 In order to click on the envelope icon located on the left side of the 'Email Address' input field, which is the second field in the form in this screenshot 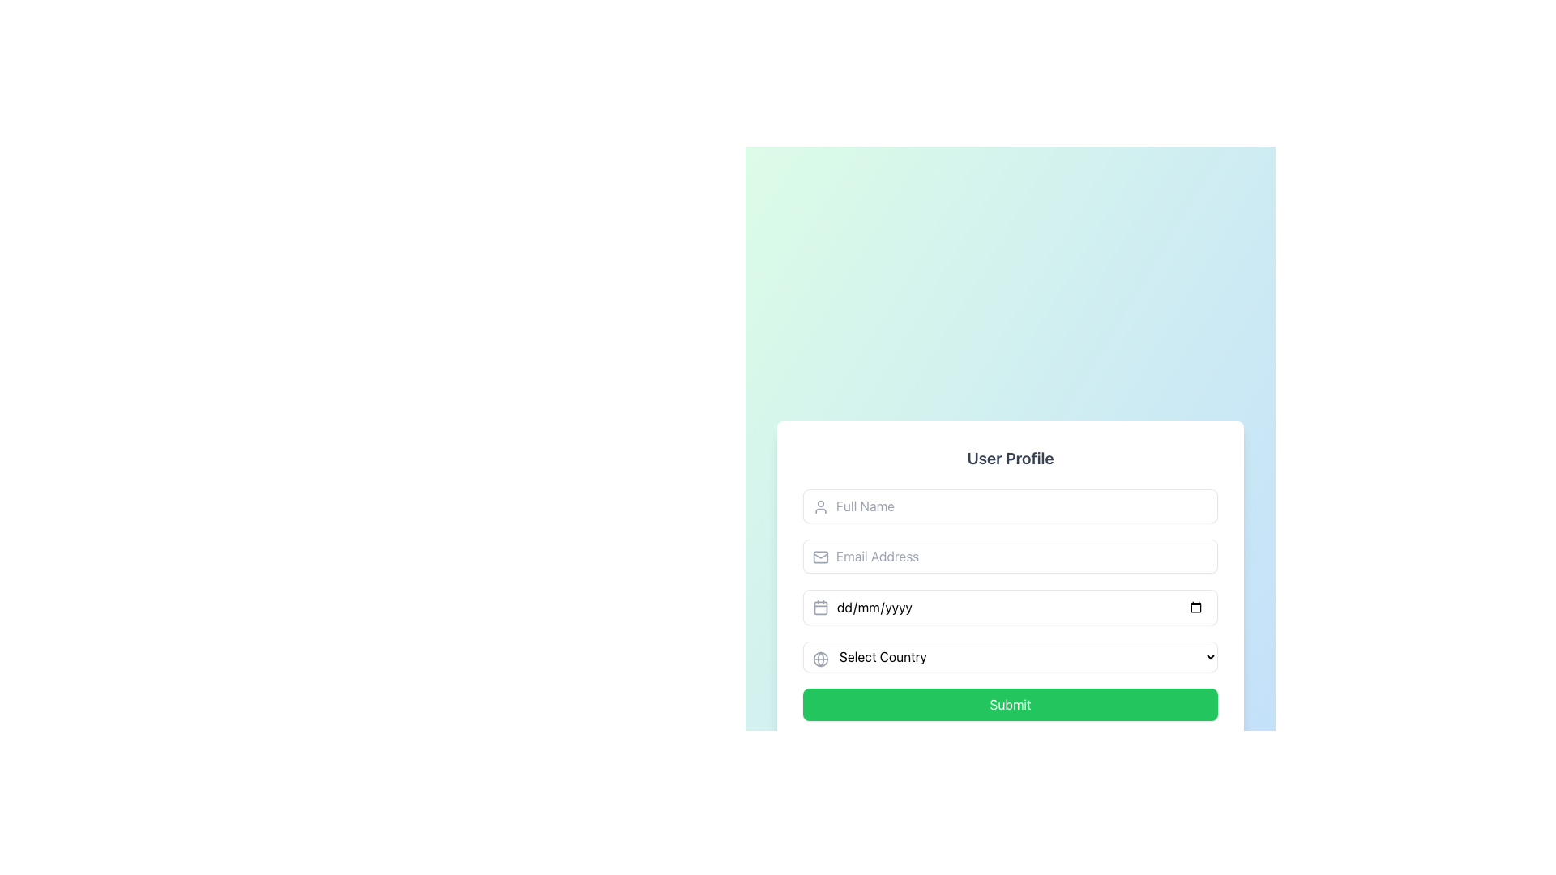, I will do `click(820, 556)`.